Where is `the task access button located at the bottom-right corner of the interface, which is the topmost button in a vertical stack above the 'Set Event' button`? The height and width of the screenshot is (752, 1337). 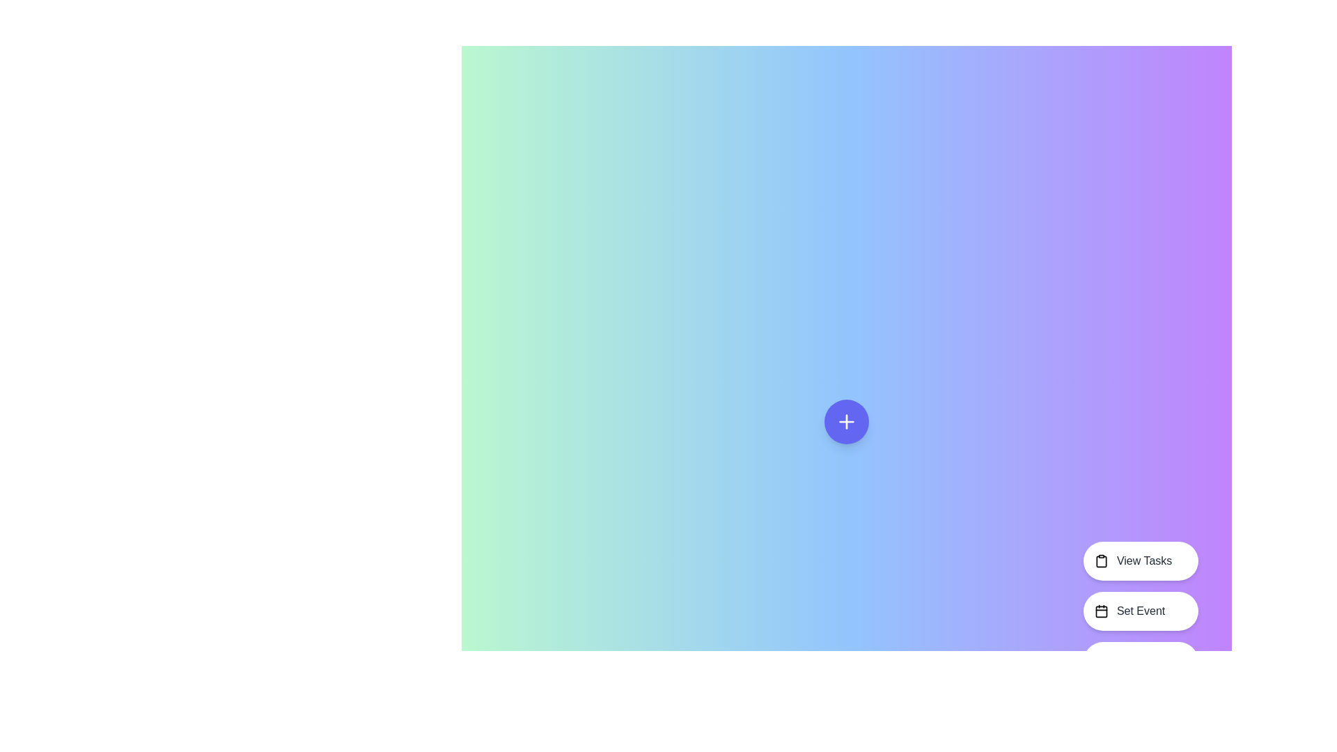 the task access button located at the bottom-right corner of the interface, which is the topmost button in a vertical stack above the 'Set Event' button is located at coordinates (1141, 561).